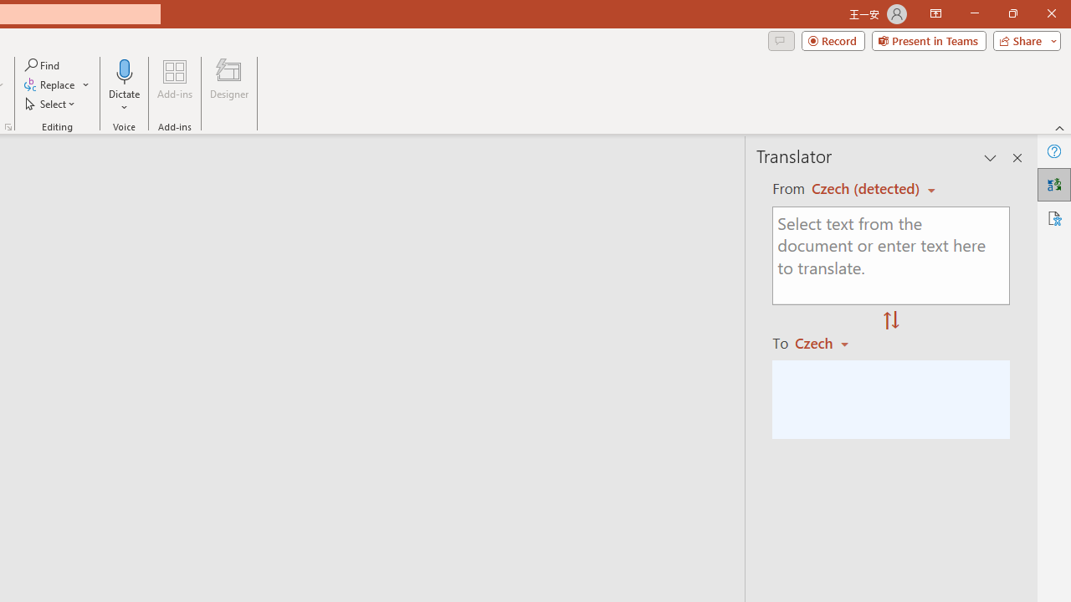  Describe the element at coordinates (1053, 217) in the screenshot. I see `'Accessibility'` at that location.